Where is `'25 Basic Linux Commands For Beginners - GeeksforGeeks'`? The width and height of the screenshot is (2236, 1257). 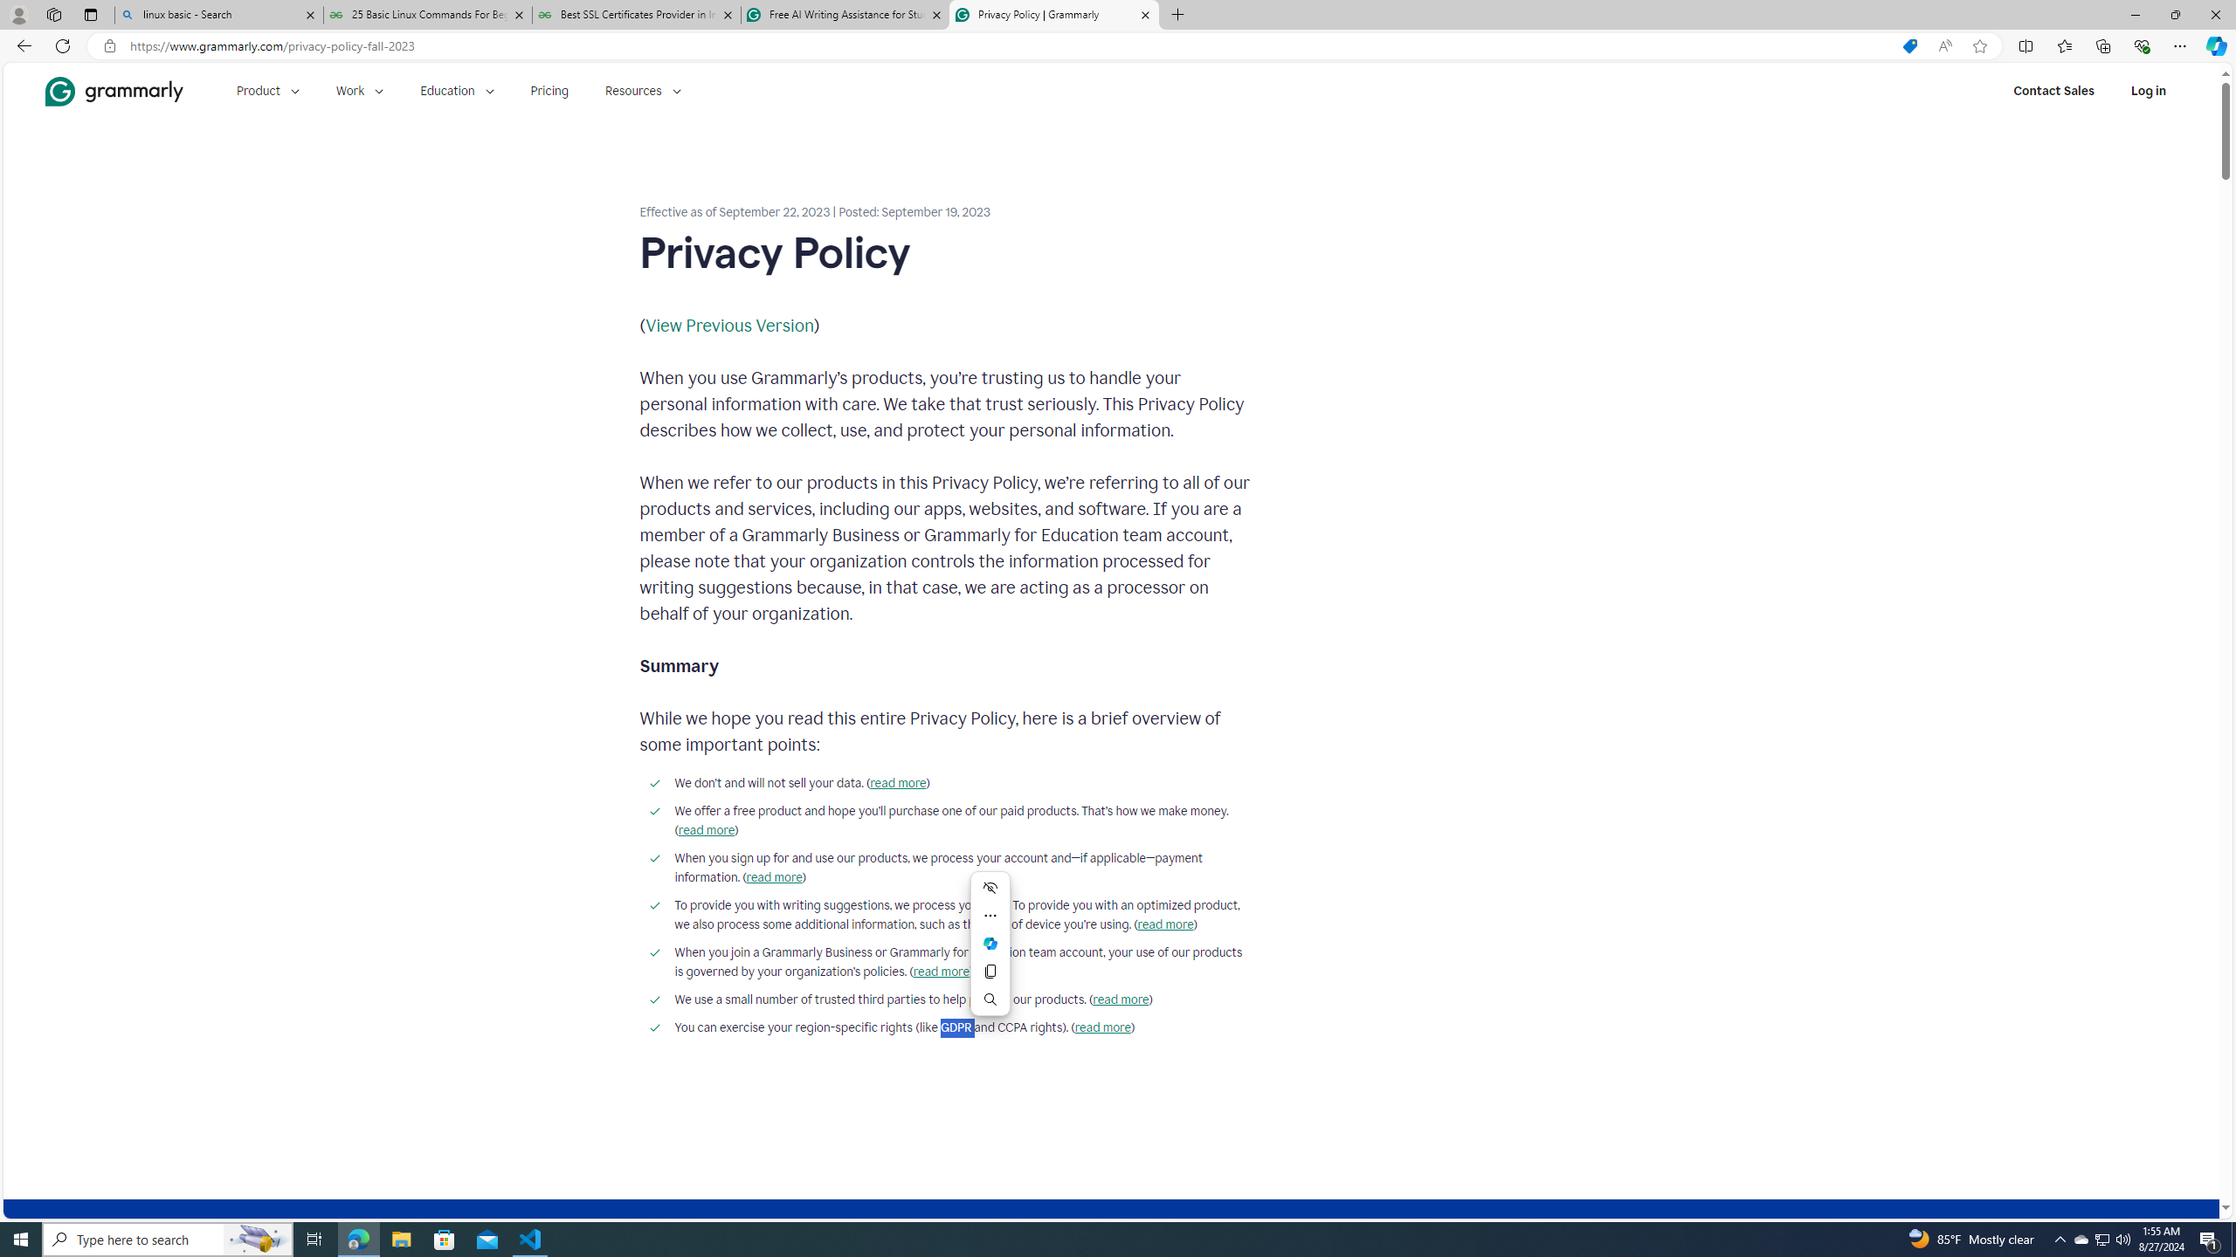
'25 Basic Linux Commands For Beginners - GeeksforGeeks' is located at coordinates (426, 14).